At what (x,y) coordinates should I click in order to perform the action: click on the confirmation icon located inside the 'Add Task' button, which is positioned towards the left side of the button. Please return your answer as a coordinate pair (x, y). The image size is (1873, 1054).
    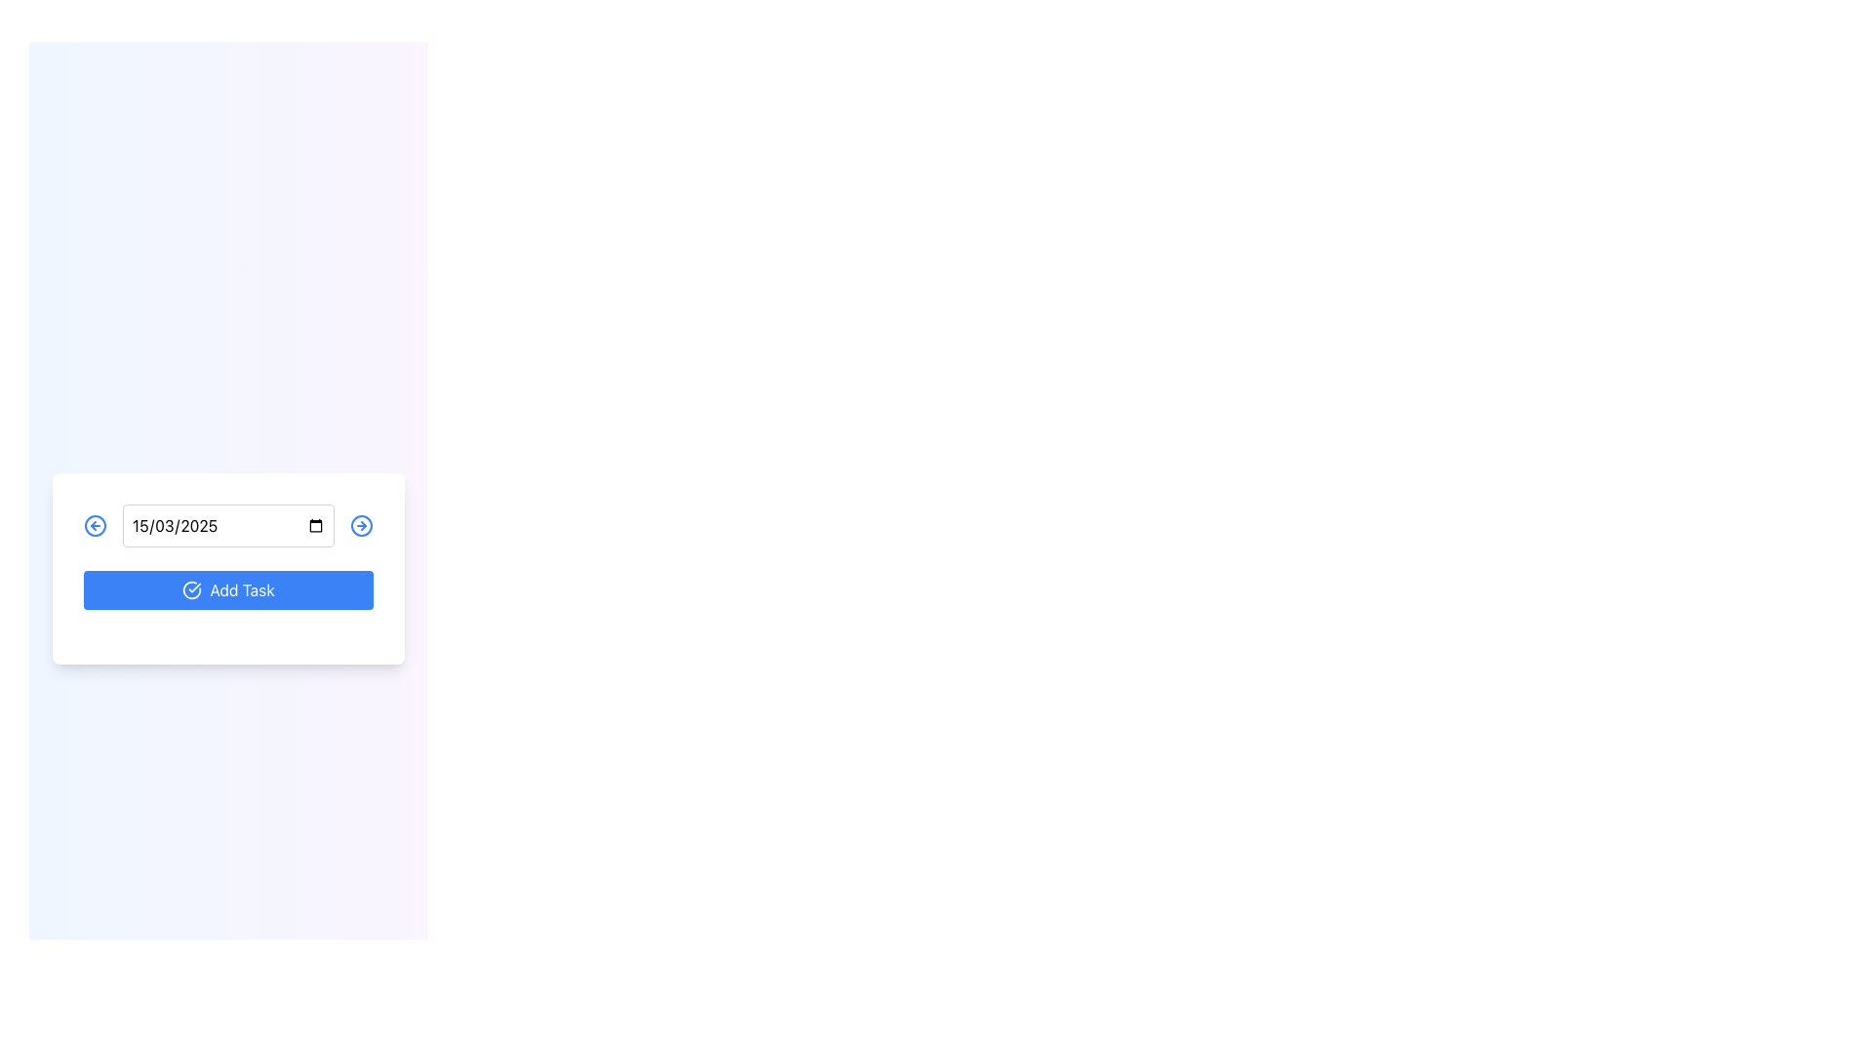
    Looking at the image, I should click on (192, 589).